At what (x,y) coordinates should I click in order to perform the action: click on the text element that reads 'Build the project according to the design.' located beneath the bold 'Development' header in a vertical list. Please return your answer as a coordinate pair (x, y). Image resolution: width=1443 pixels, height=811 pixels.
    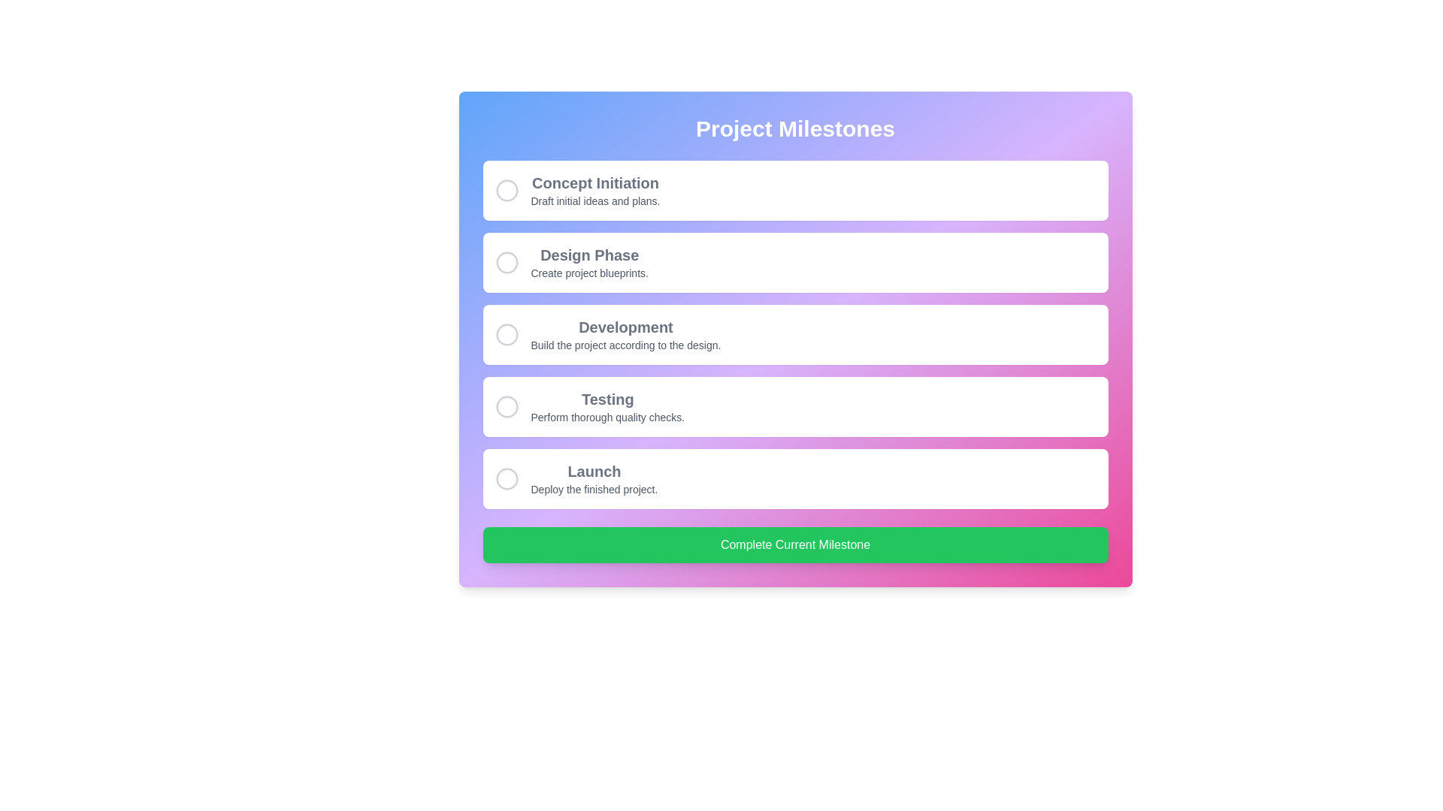
    Looking at the image, I should click on (625, 345).